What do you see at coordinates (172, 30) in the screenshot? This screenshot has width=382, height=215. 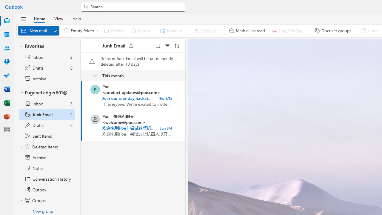 I see `'Move to'` at bounding box center [172, 30].